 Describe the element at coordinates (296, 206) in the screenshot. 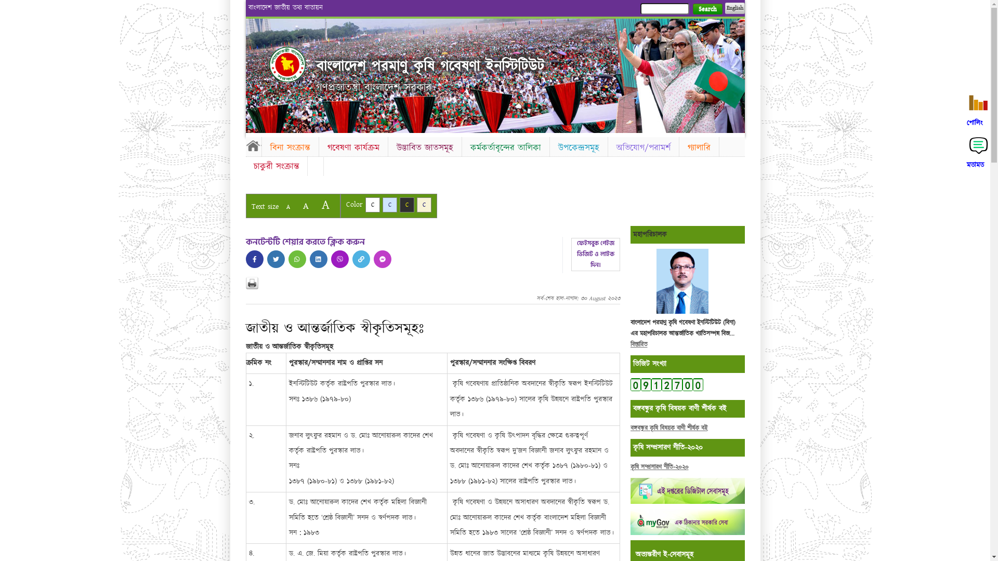

I see `'A'` at that location.